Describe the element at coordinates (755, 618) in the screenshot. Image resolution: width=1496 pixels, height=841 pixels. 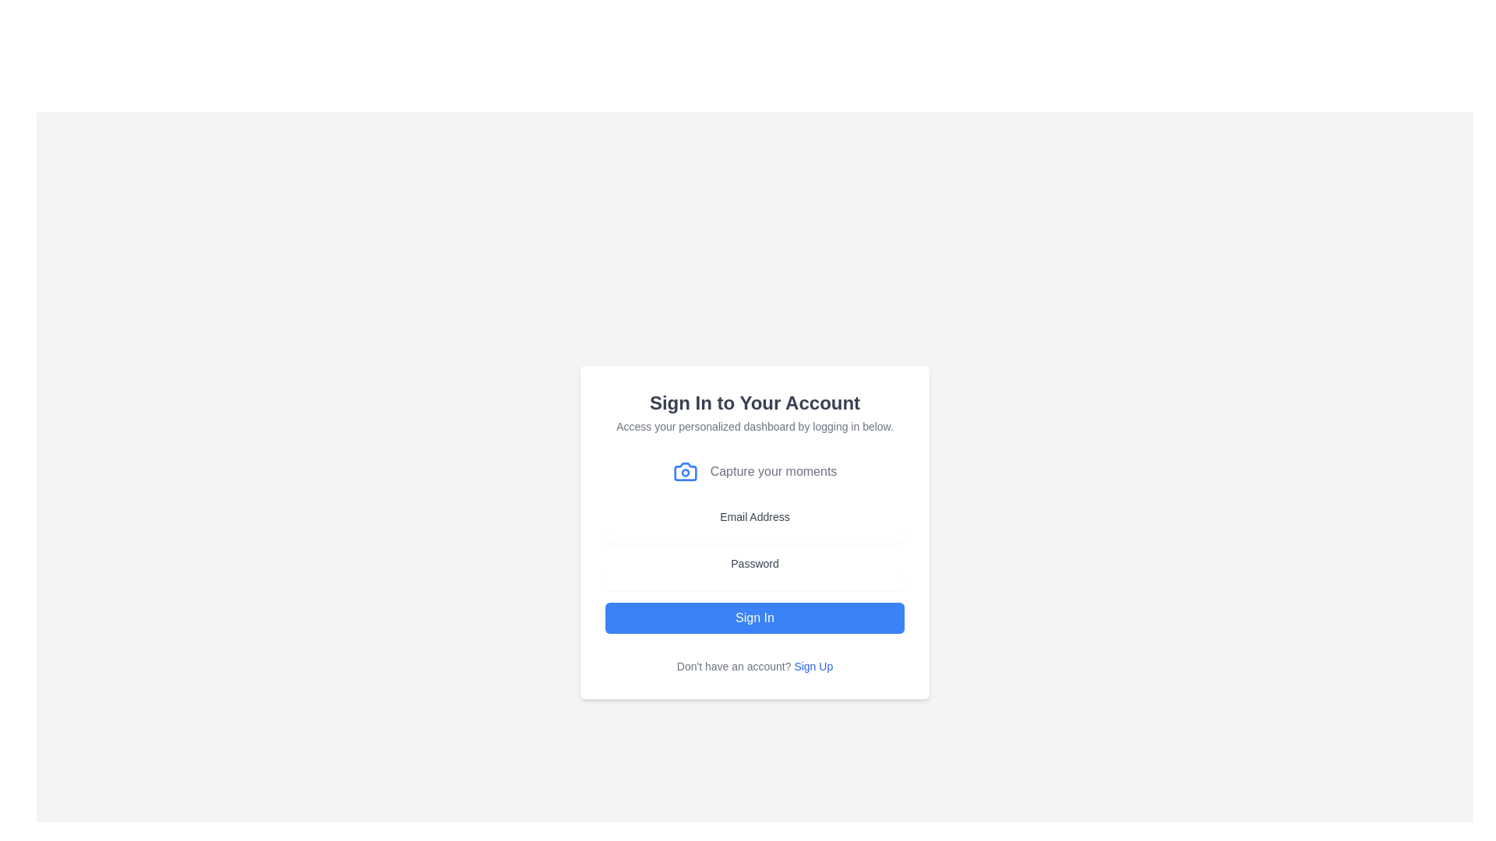
I see `the submission button located below the password input field` at that location.